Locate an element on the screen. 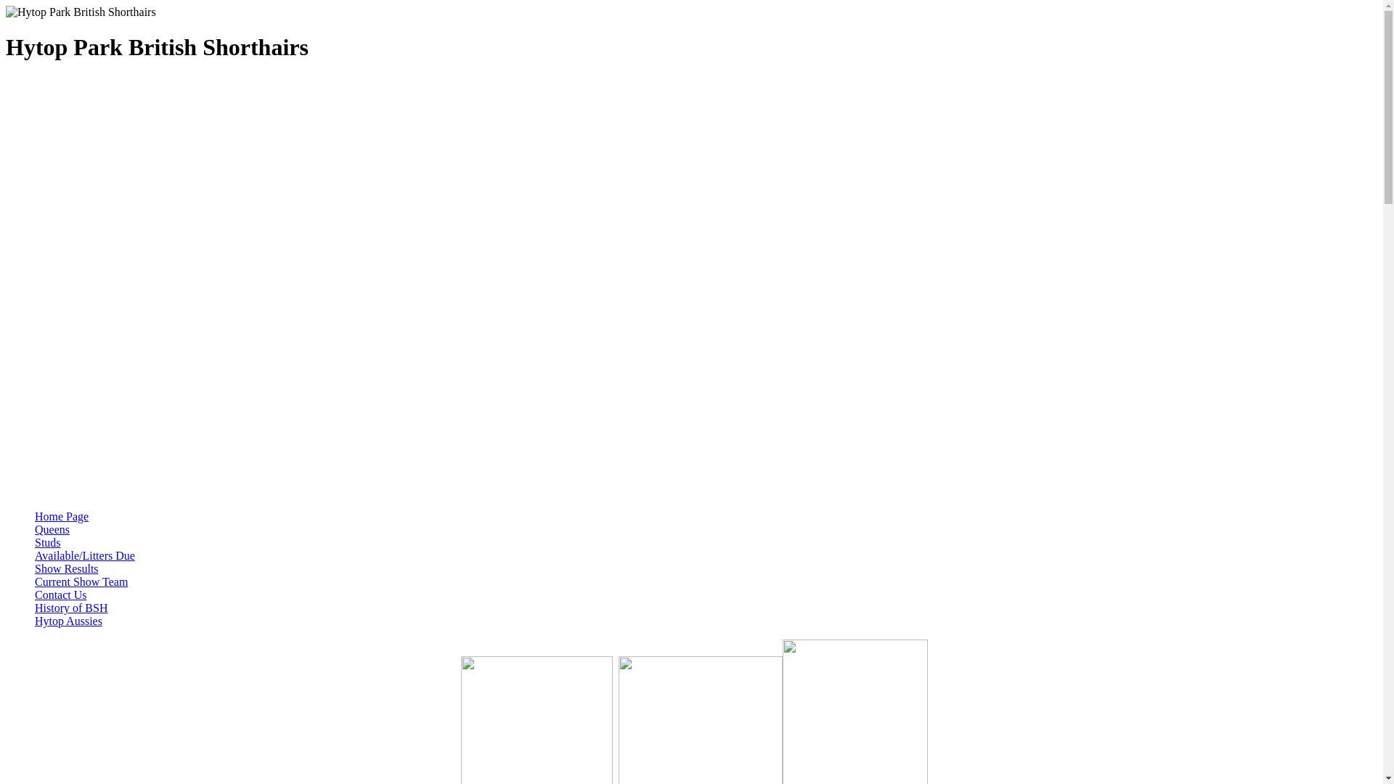 This screenshot has height=784, width=1394. 'Current Show Team' is located at coordinates (80, 581).